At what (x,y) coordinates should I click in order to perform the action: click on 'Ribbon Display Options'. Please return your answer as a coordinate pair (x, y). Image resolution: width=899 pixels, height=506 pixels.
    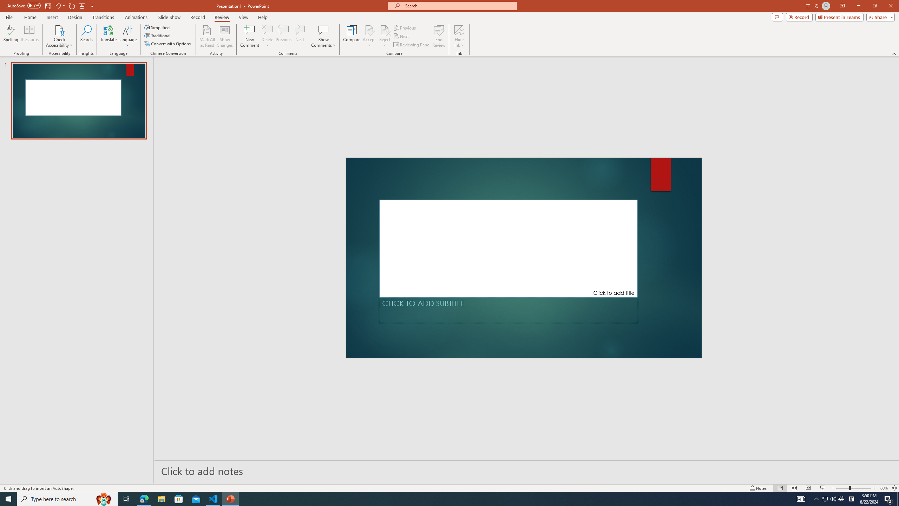
    Looking at the image, I should click on (842, 6).